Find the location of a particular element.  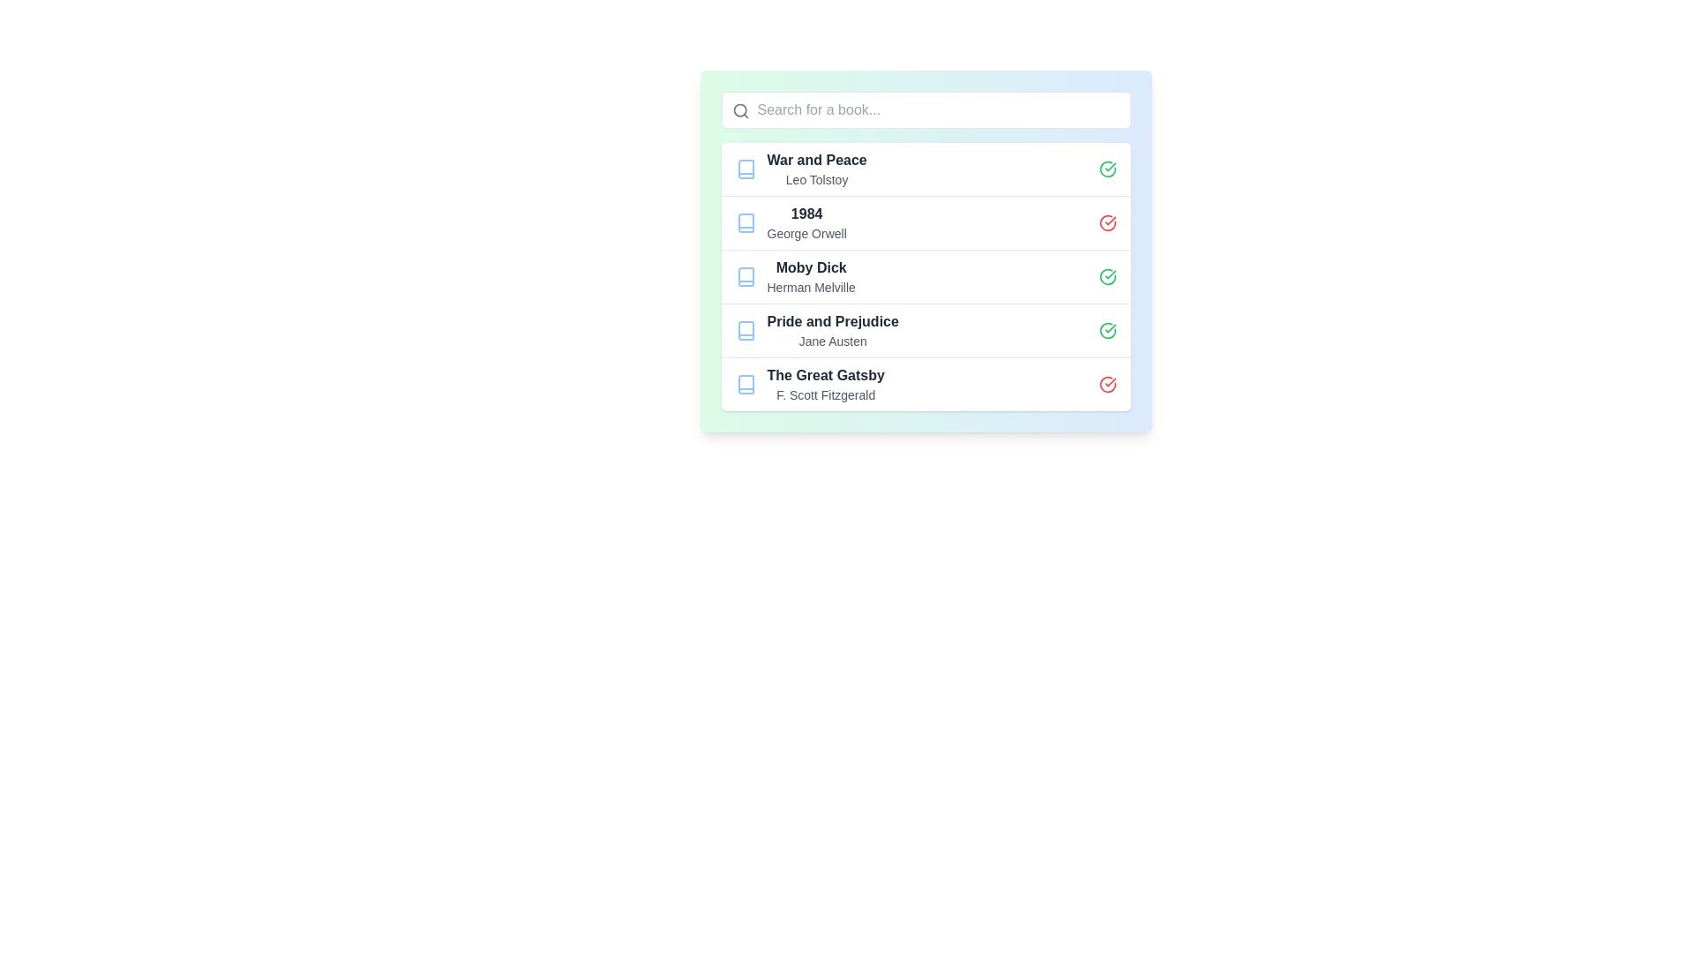

the light blue book icon located to the left of the 'War and Peace' text in the first item of the vertical list is located at coordinates (746, 169).